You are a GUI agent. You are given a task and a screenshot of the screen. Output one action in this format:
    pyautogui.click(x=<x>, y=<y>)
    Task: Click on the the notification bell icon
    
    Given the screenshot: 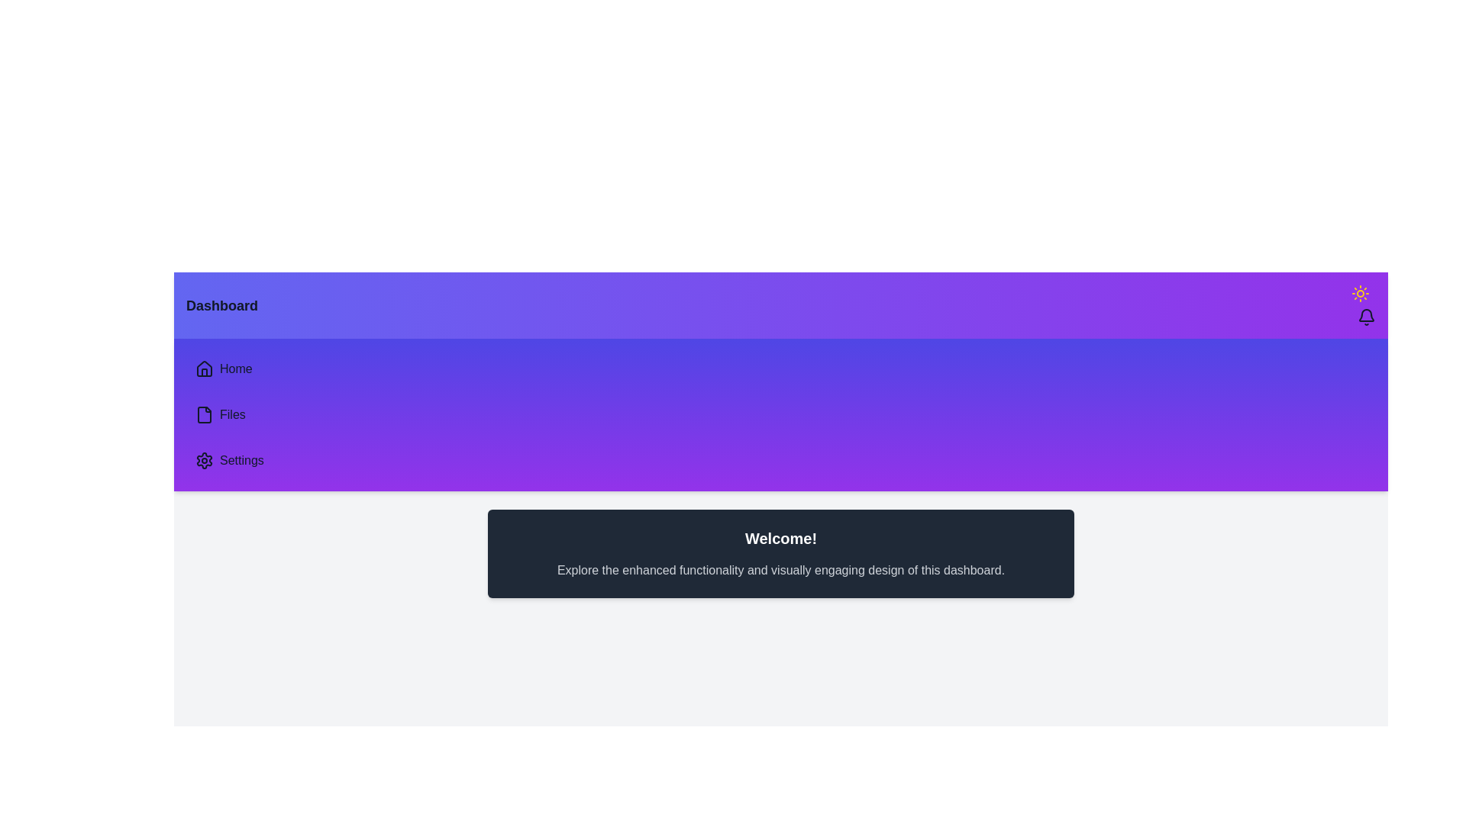 What is the action you would take?
    pyautogui.click(x=1367, y=317)
    